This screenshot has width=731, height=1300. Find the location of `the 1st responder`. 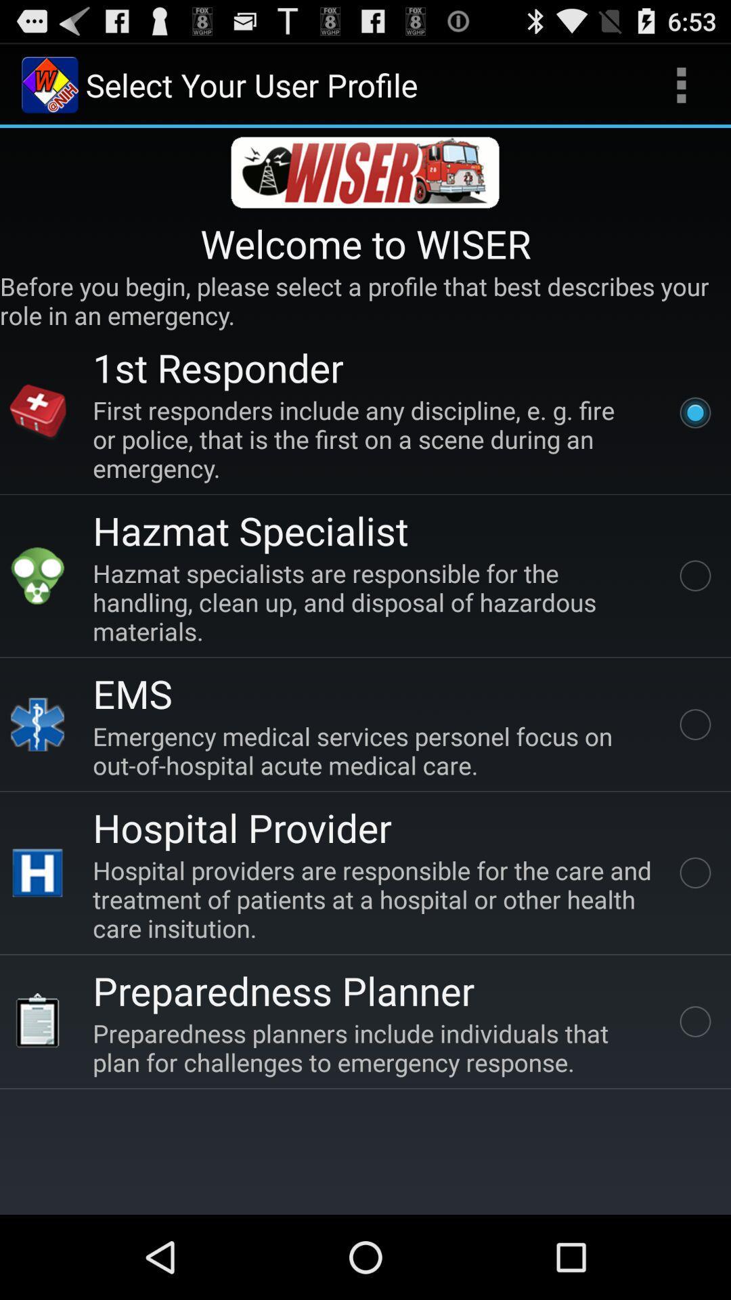

the 1st responder is located at coordinates (217, 367).